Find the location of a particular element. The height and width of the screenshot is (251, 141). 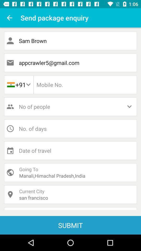

sam brown is located at coordinates (70, 41).